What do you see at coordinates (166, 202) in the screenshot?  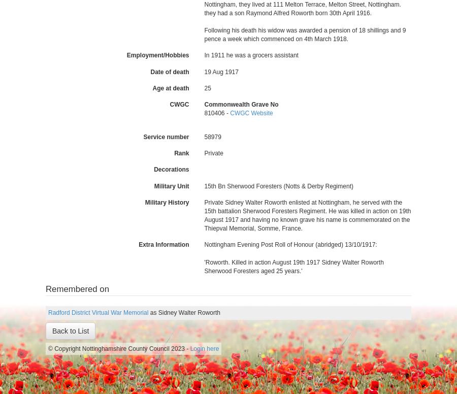 I see `'Military History'` at bounding box center [166, 202].